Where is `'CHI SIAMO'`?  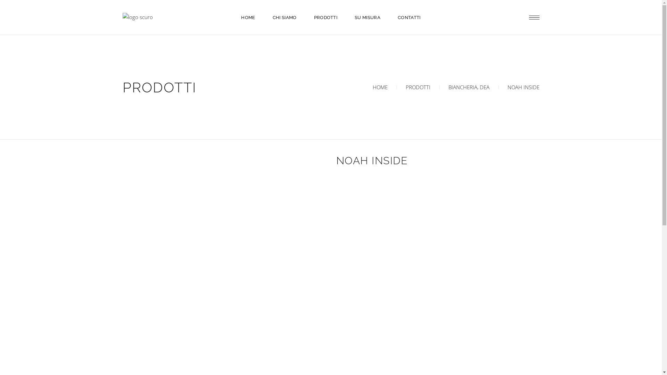 'CHI SIAMO' is located at coordinates (285, 17).